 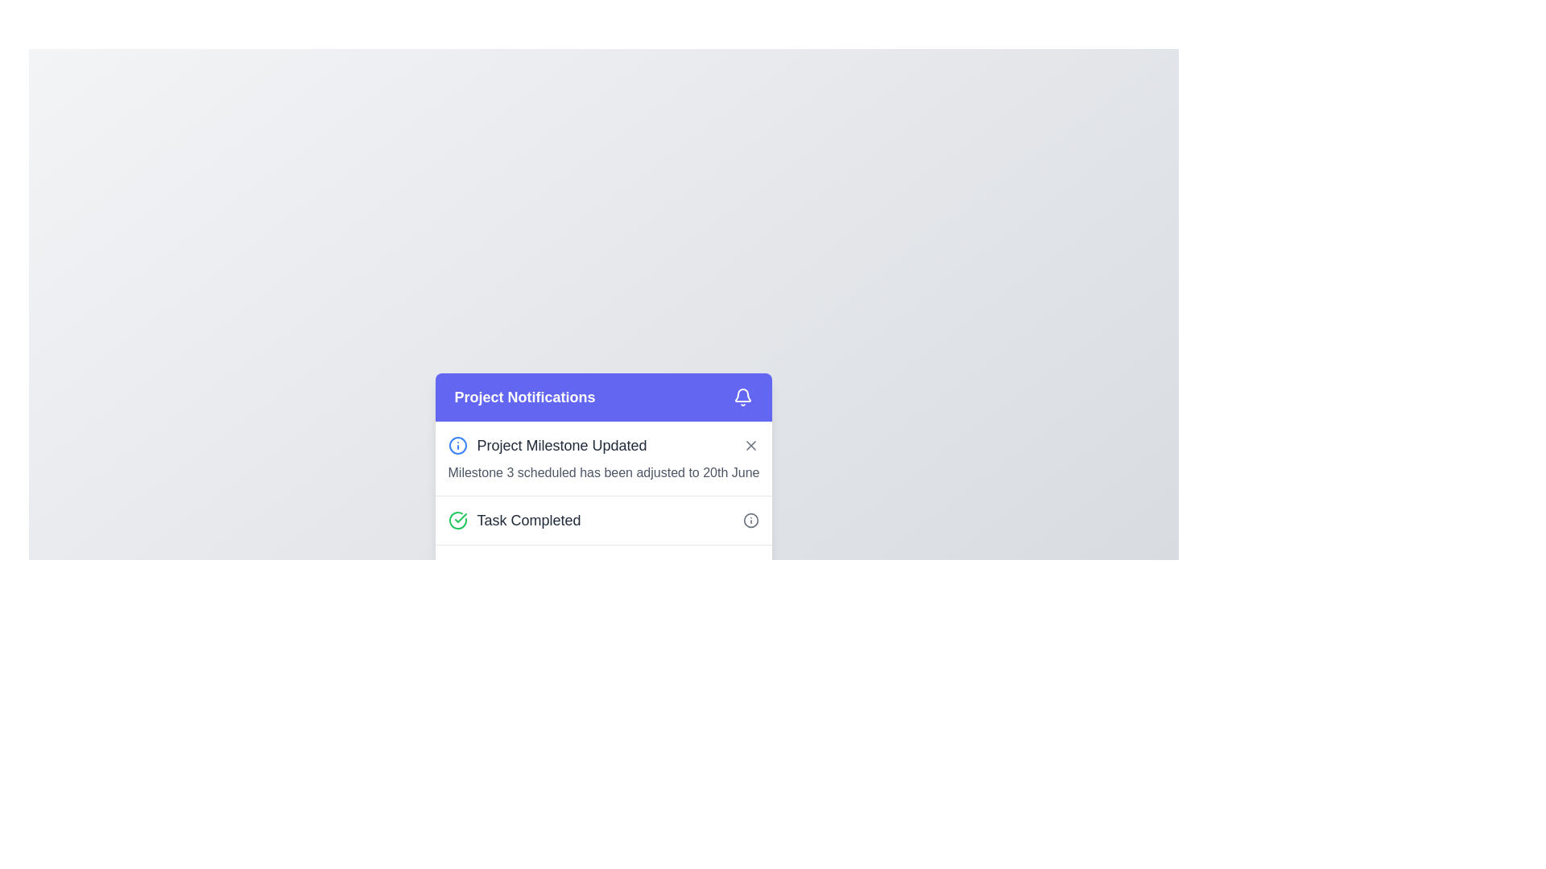 What do you see at coordinates (750, 521) in the screenshot?
I see `the circular information icon featuring a stylized 'i' in the center, located at the far right of the 'Task Completed' row in the notification panel` at bounding box center [750, 521].